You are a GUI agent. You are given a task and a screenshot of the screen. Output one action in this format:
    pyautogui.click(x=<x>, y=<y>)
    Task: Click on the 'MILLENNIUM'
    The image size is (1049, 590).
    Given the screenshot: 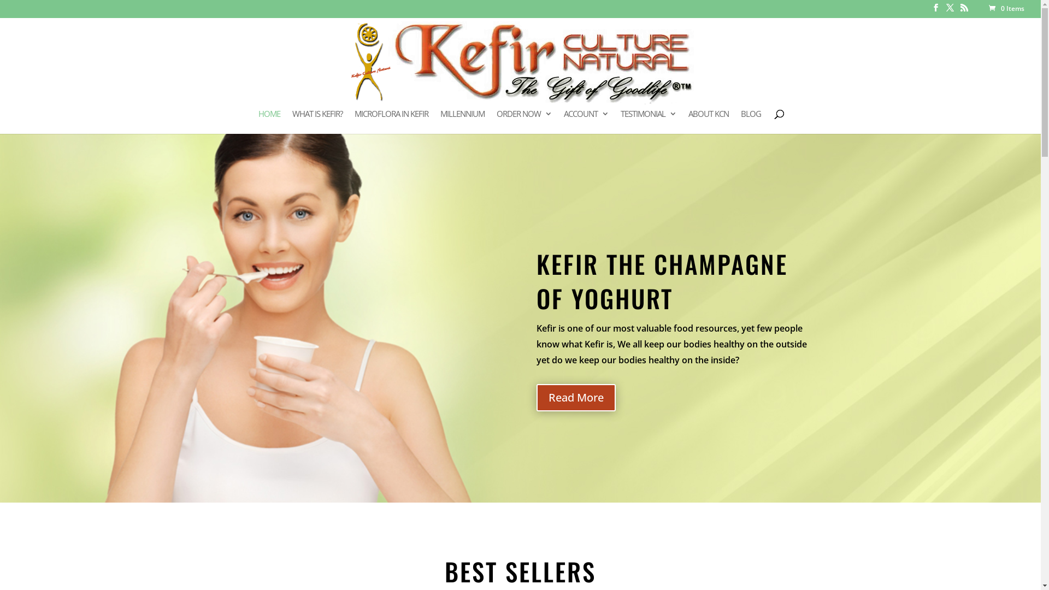 What is the action you would take?
    pyautogui.click(x=462, y=121)
    